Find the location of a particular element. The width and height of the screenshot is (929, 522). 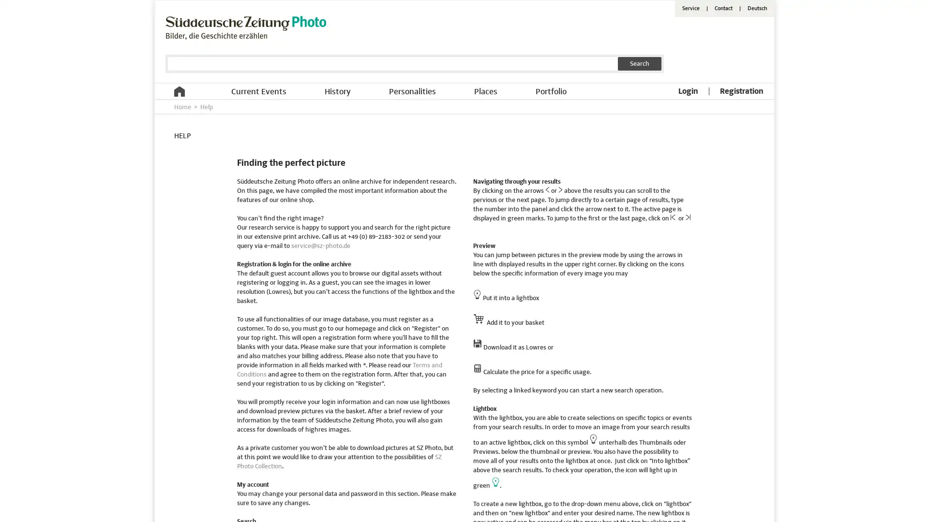

Search is located at coordinates (639, 63).